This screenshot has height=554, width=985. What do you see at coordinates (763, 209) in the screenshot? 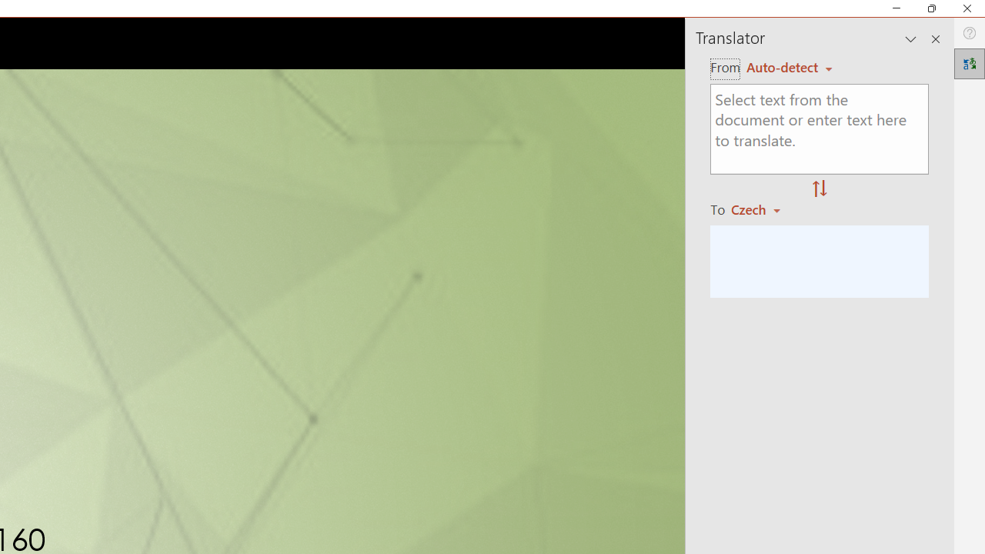
I see `'Czech'` at bounding box center [763, 209].